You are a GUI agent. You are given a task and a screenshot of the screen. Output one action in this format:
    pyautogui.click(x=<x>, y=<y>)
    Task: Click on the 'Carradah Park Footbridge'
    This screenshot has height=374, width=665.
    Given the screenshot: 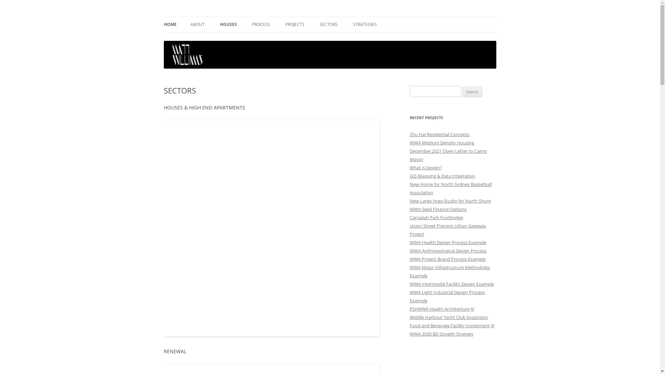 What is the action you would take?
    pyautogui.click(x=435, y=217)
    